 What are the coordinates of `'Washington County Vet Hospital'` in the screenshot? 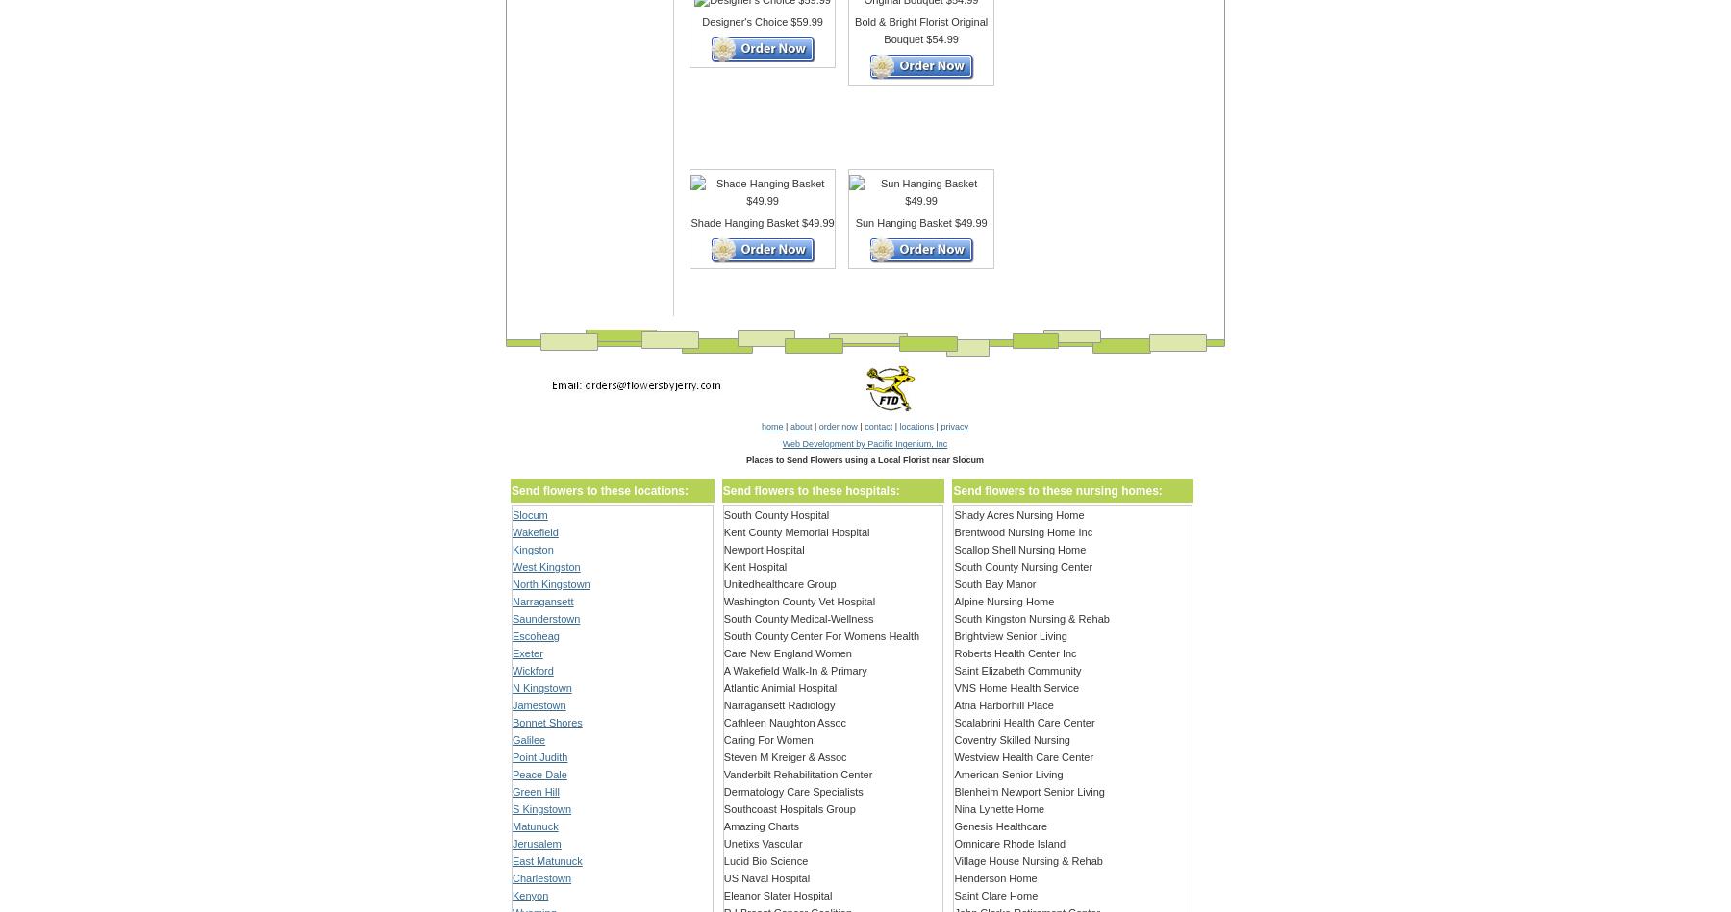 It's located at (799, 600).